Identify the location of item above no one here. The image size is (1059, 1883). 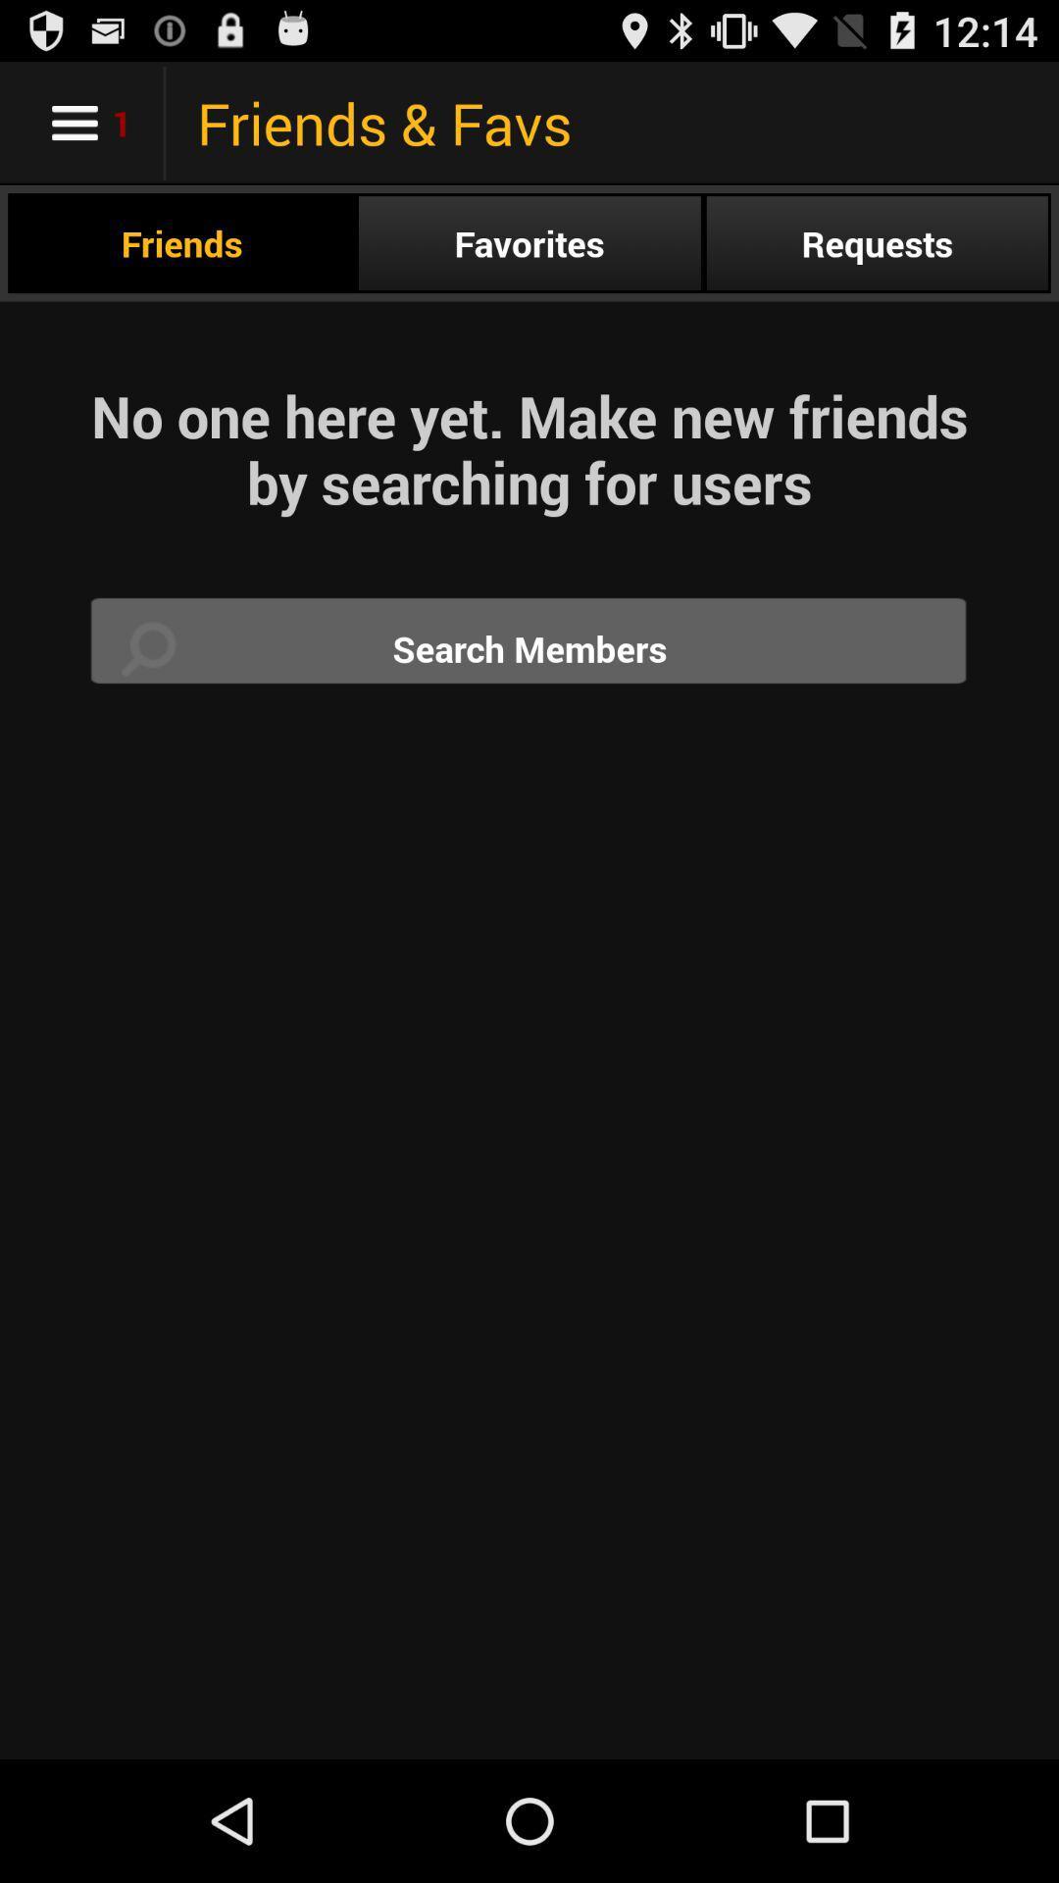
(876, 242).